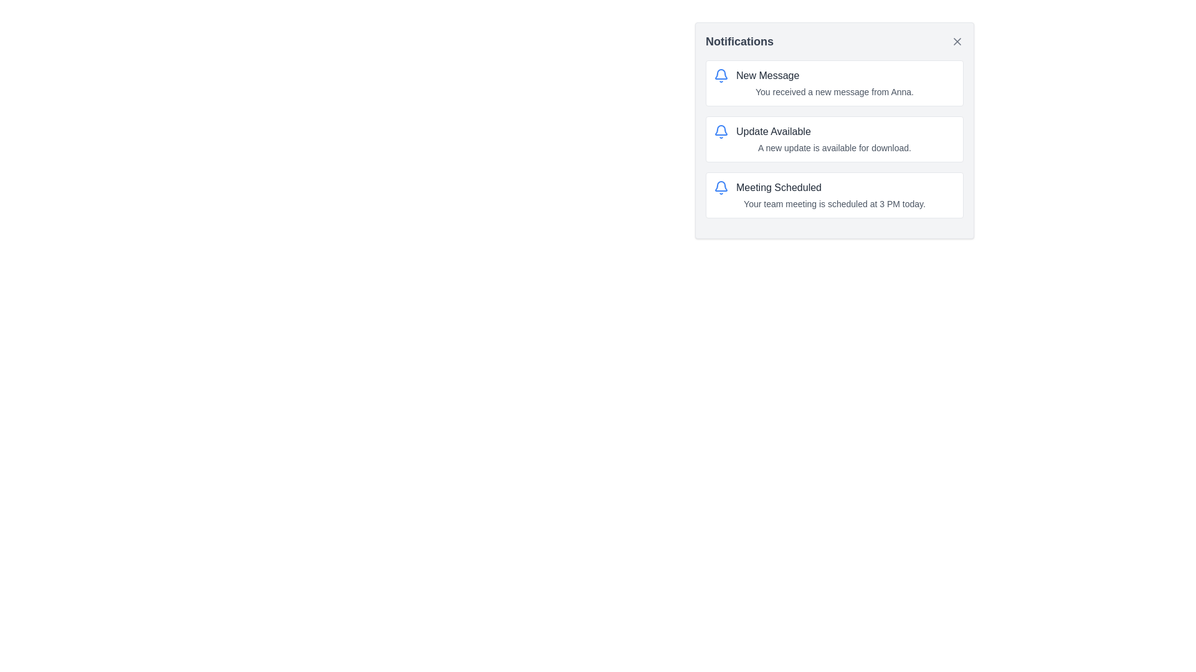  I want to click on meeting details from the third notification card which informs about a scheduled team meeting at 3 PM today, so click(834, 195).